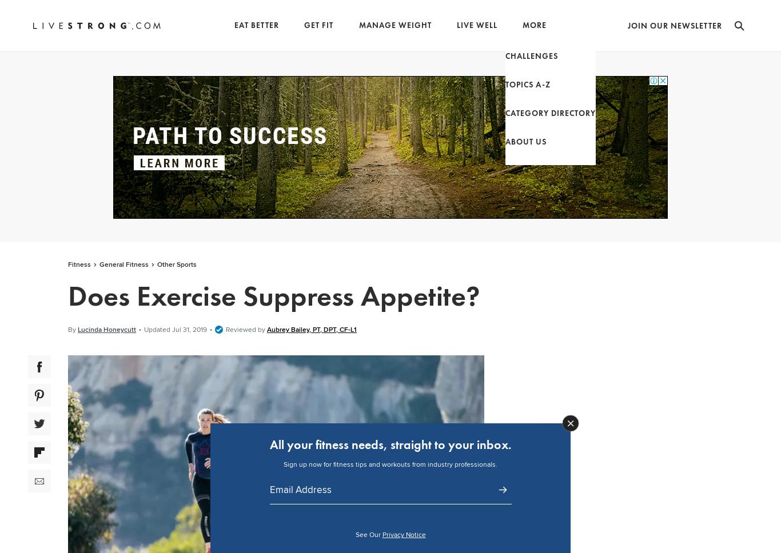 The height and width of the screenshot is (553, 781). What do you see at coordinates (675, 25) in the screenshot?
I see `'JOIN OUR NEWSLETTER'` at bounding box center [675, 25].